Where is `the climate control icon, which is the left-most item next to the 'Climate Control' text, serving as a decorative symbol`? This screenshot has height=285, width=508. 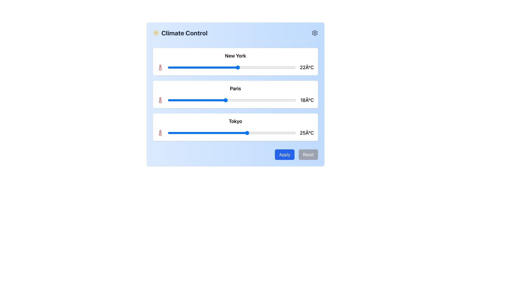
the climate control icon, which is the left-most item next to the 'Climate Control' text, serving as a decorative symbol is located at coordinates (156, 33).